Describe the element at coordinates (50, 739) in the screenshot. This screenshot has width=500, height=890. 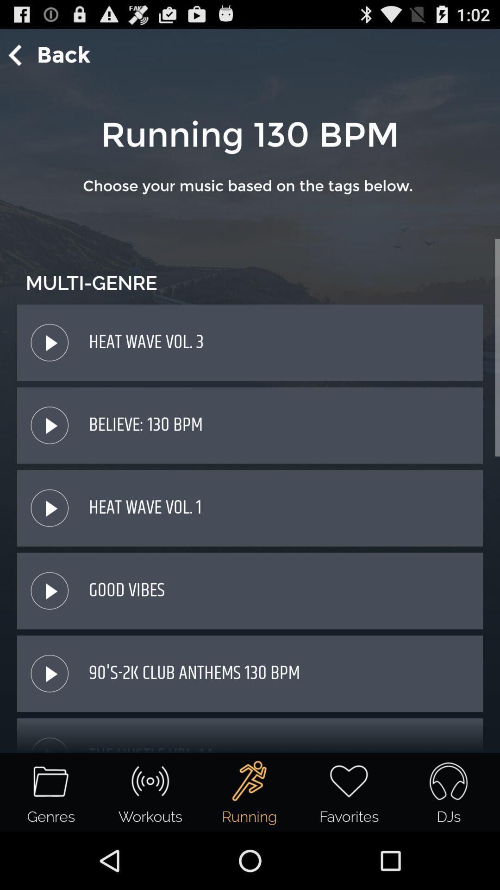
I see `tap the icon just above genres` at that location.